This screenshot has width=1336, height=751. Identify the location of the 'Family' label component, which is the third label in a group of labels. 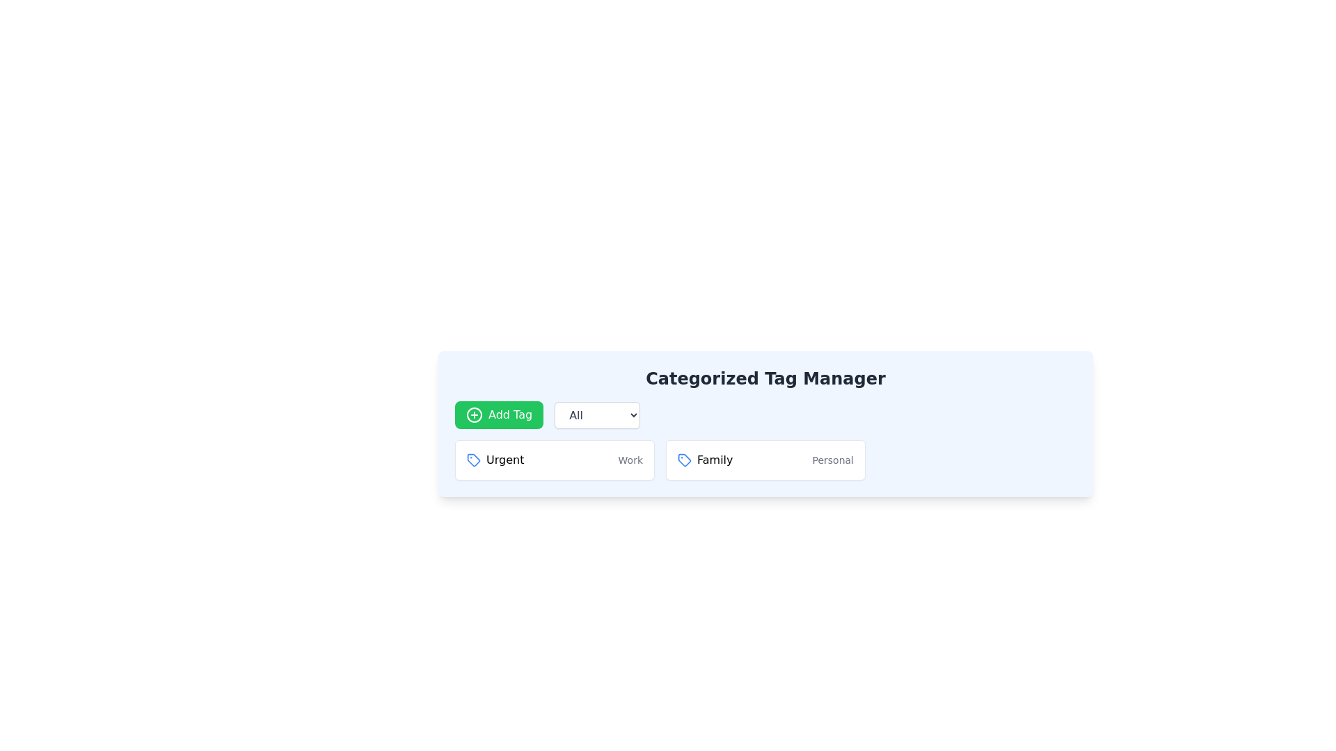
(705, 460).